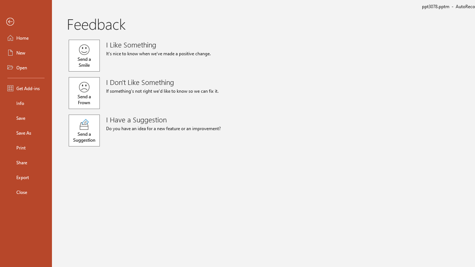 The image size is (475, 267). What do you see at coordinates (26, 52) in the screenshot?
I see `'New'` at bounding box center [26, 52].